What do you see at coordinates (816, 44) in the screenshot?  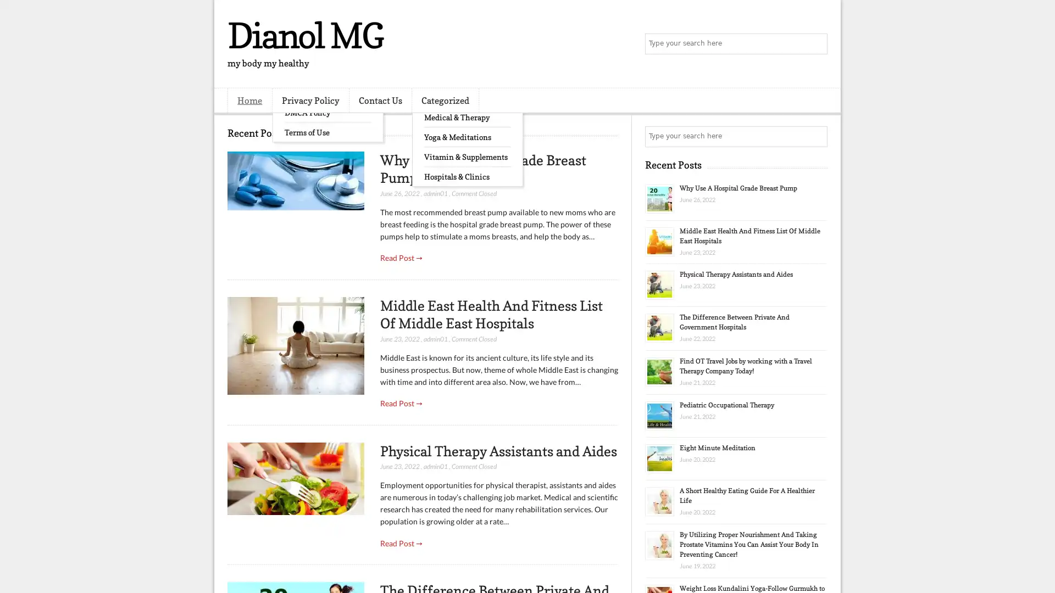 I see `Search` at bounding box center [816, 44].